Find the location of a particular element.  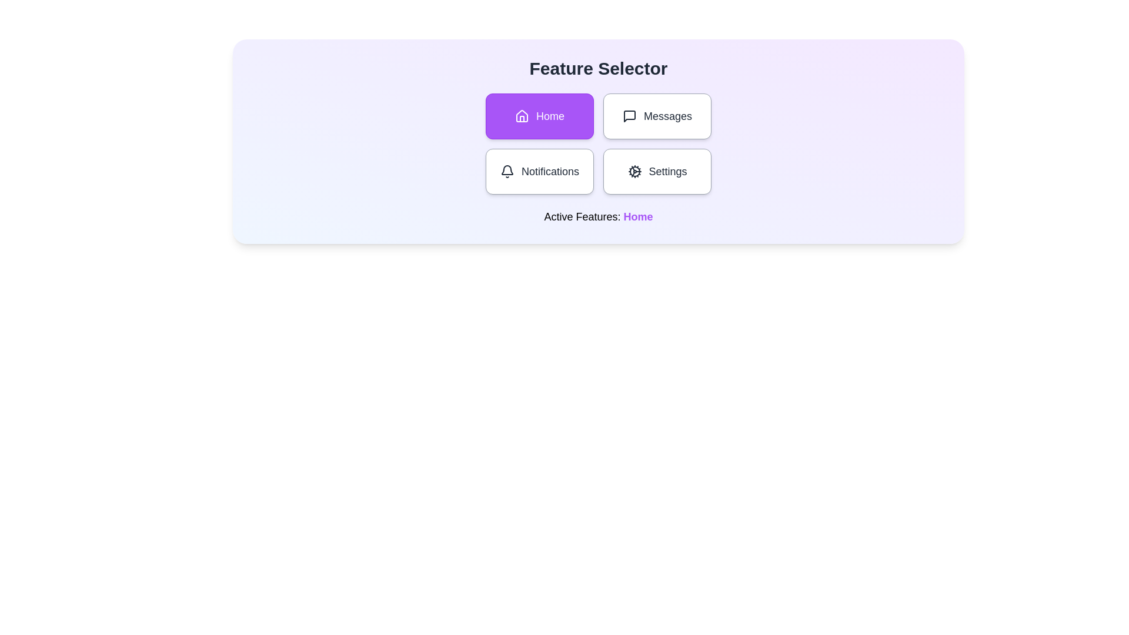

SVG icon depicting a speech bubble located inside the 'Messages' button, which is the second button in a row of feature selector buttons is located at coordinates (629, 116).